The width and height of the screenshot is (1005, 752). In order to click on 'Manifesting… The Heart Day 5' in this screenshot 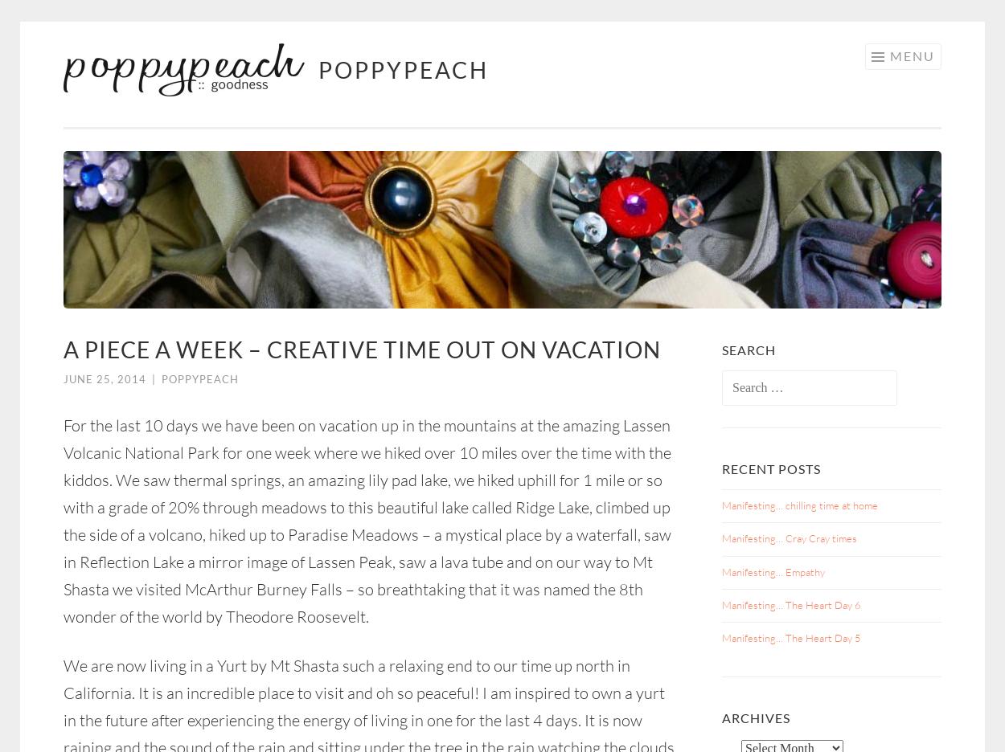, I will do `click(790, 636)`.